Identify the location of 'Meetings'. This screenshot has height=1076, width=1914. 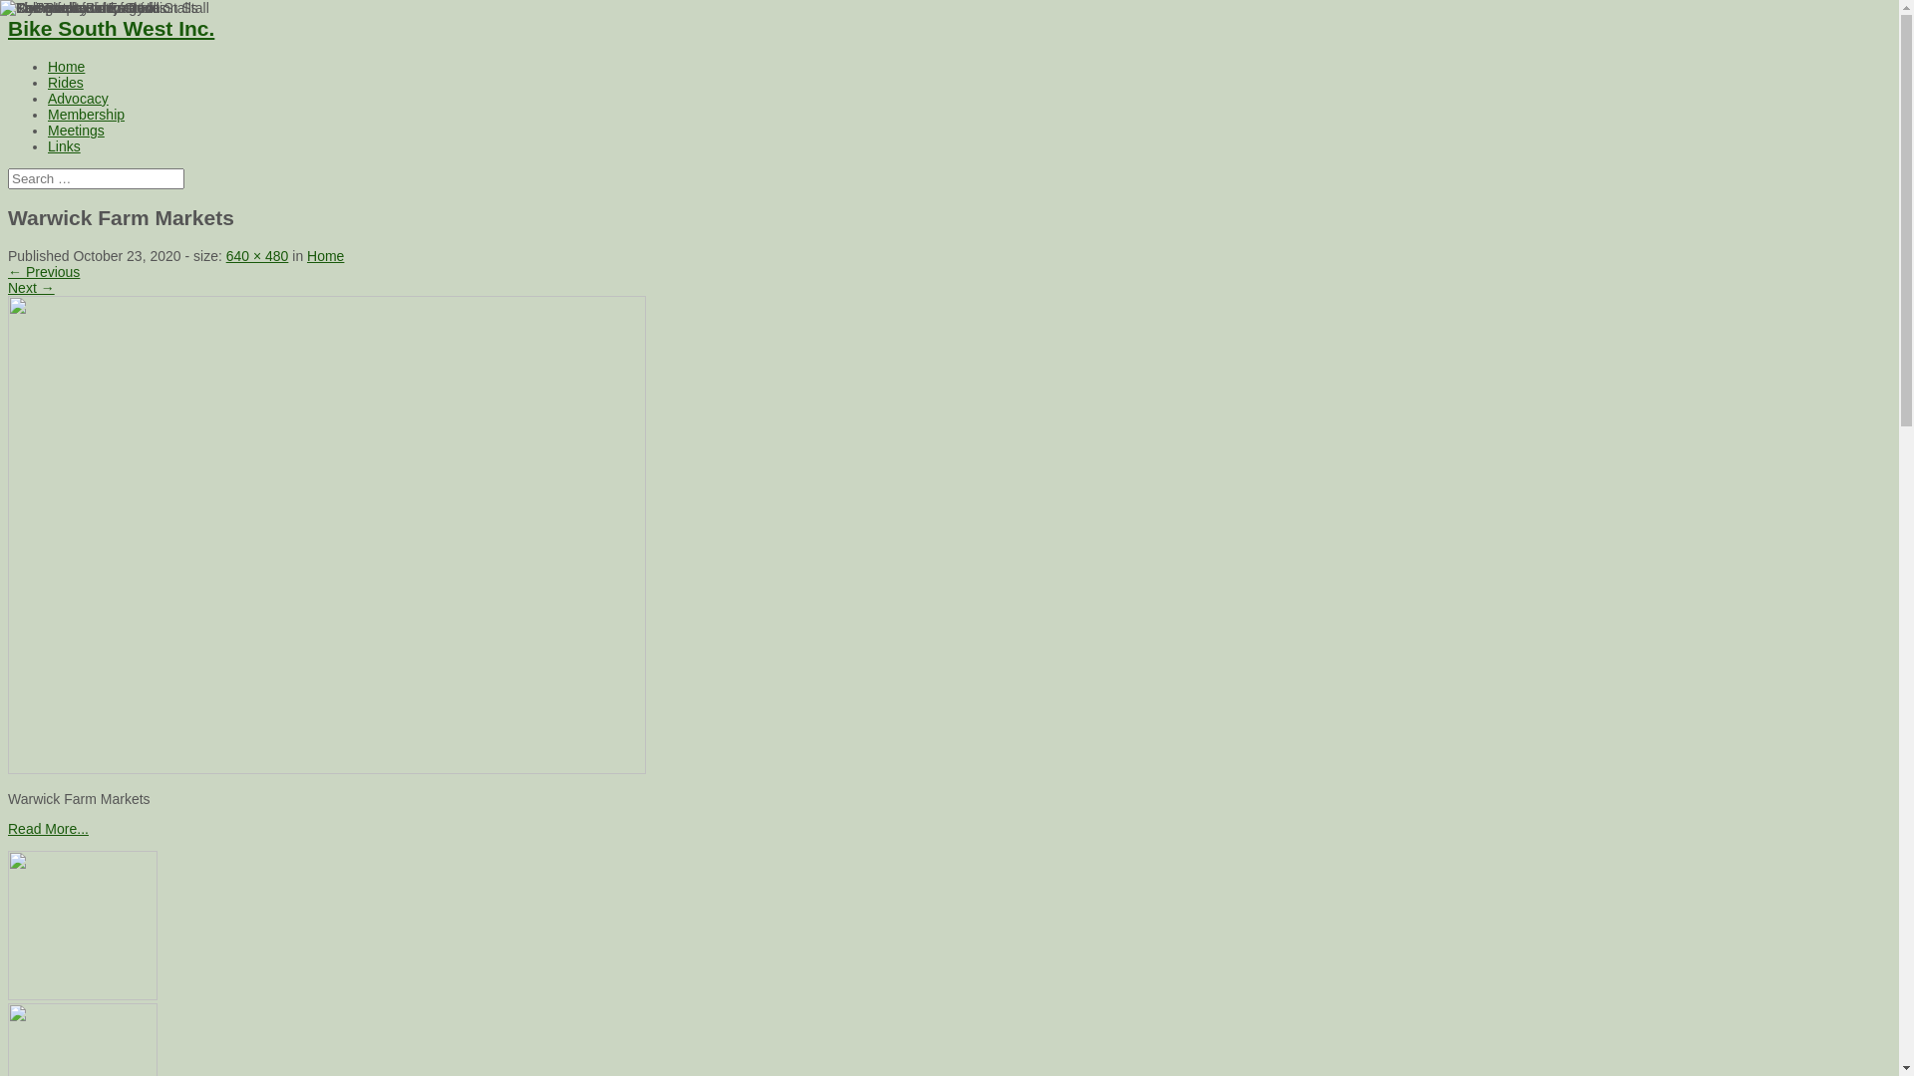
(48, 131).